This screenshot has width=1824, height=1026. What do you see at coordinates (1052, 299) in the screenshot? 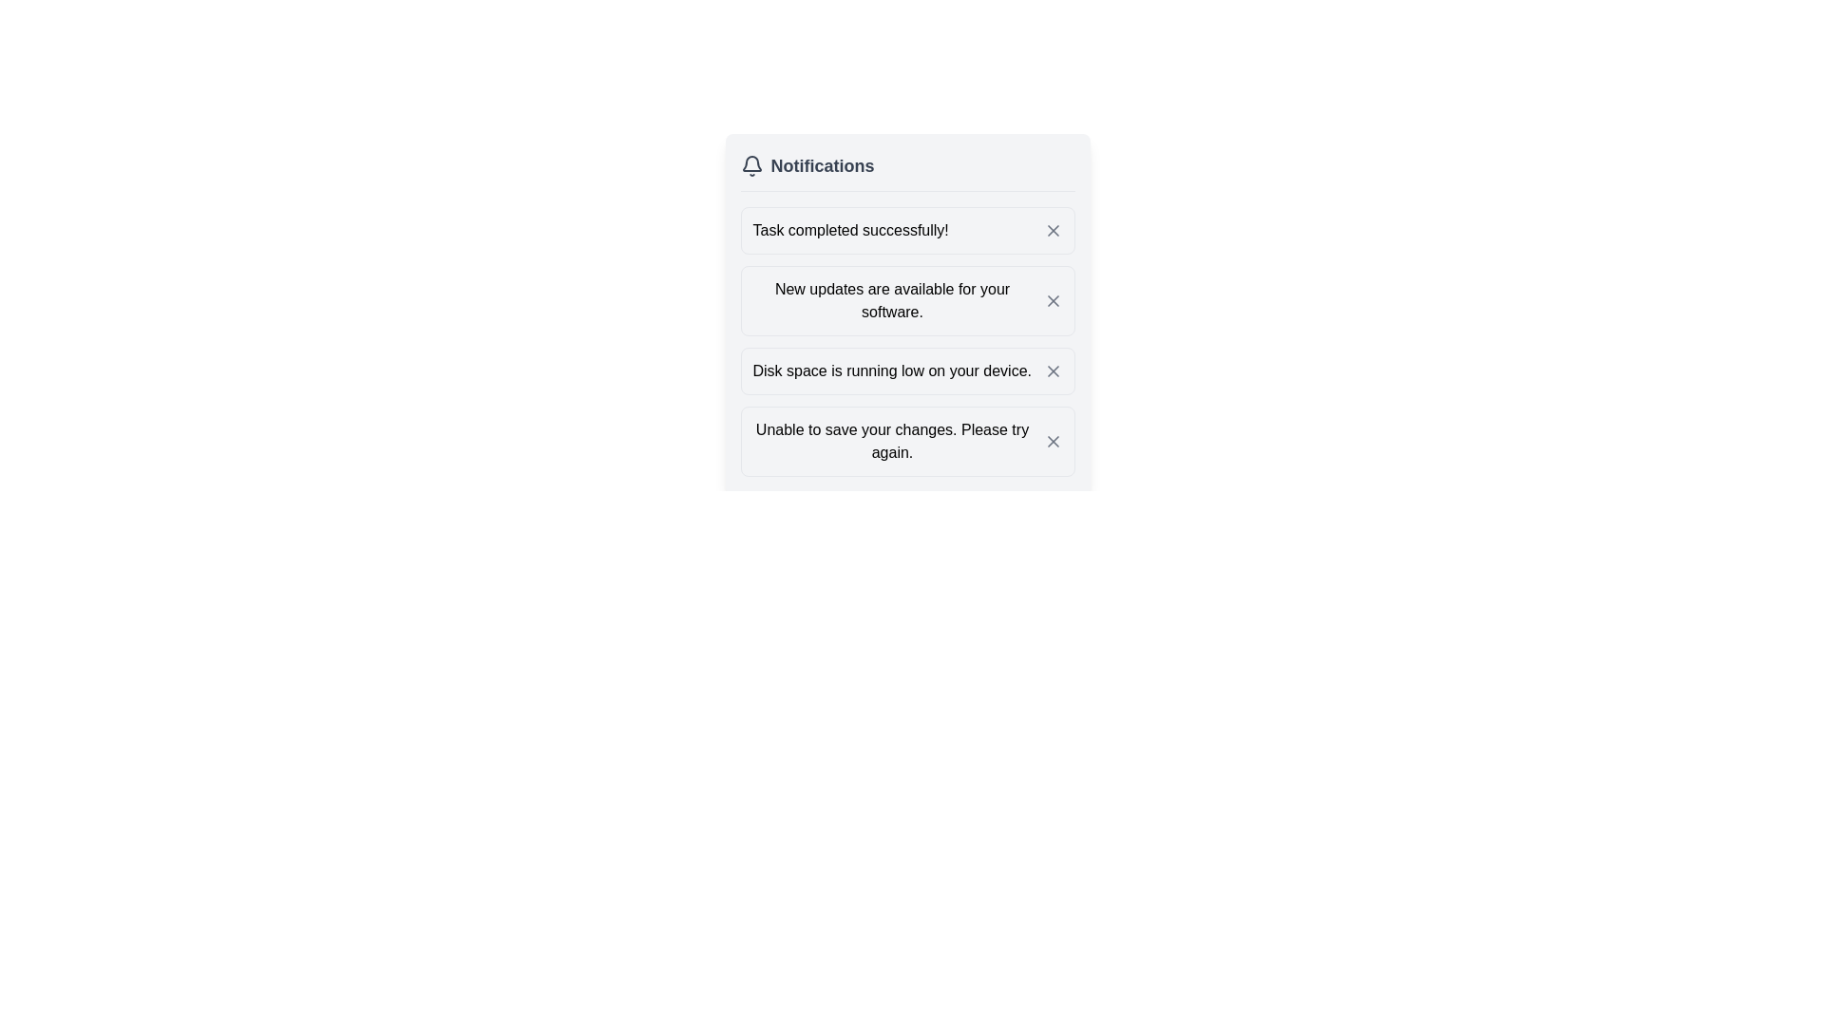
I see `the small gray 'X' icon located to the far right of the 'New updates are available for your software.' notification box` at bounding box center [1052, 299].